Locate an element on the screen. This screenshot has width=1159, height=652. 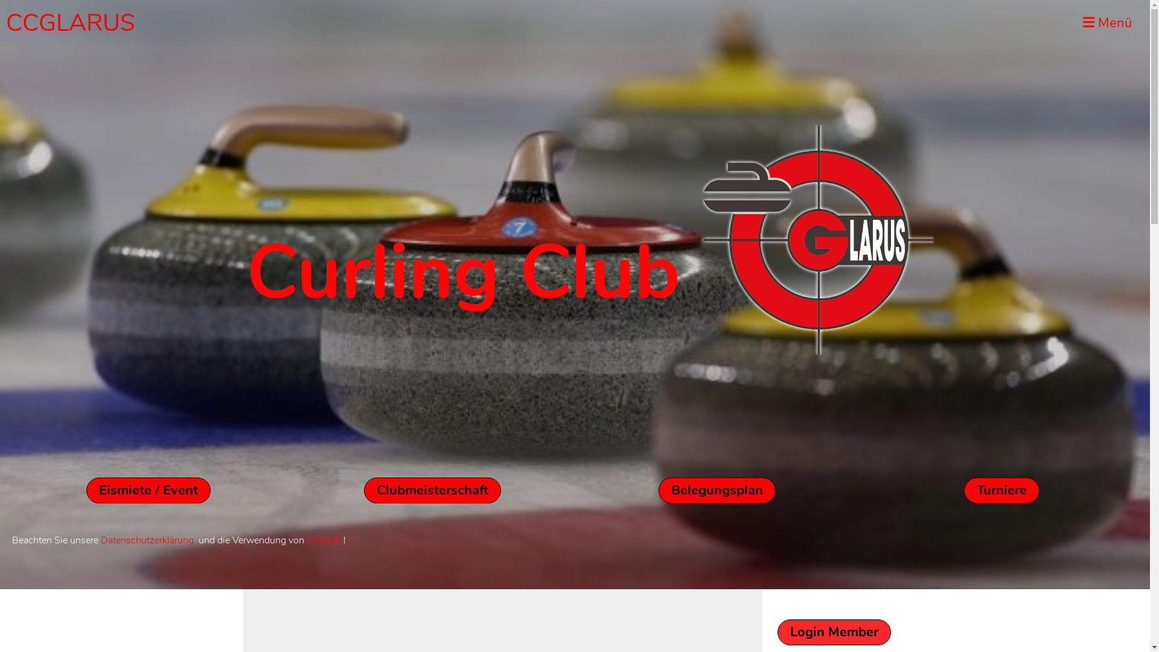
'Eismiete / Event' is located at coordinates (86, 490).